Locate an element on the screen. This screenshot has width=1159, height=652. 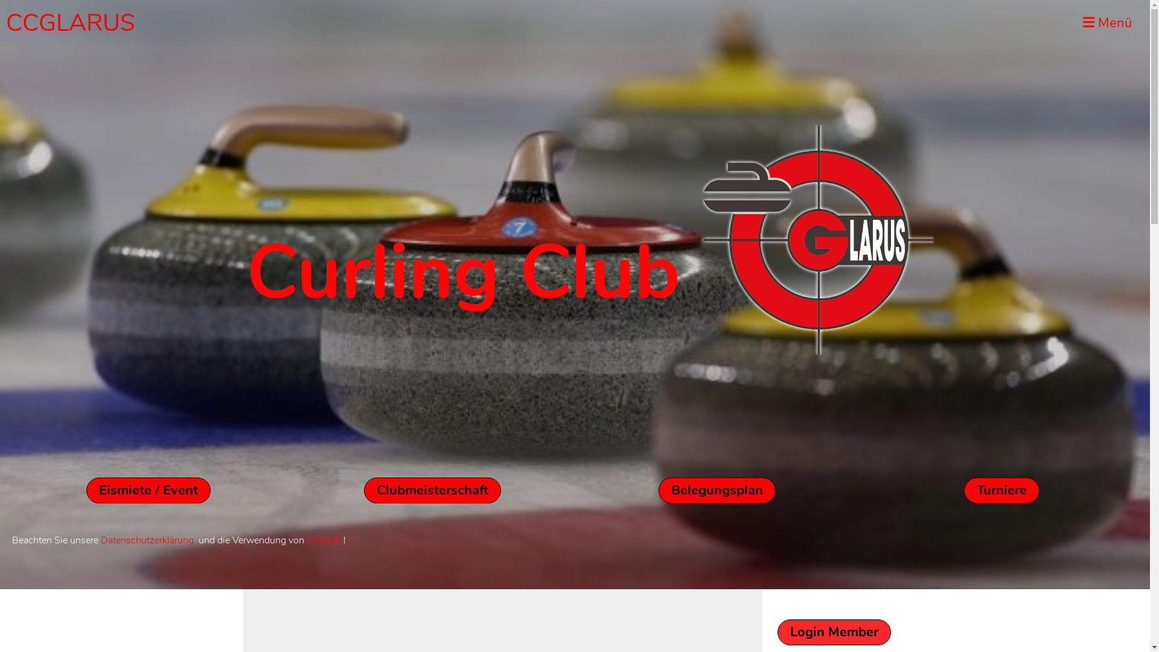
'Eismiete / Event' is located at coordinates (86, 490).